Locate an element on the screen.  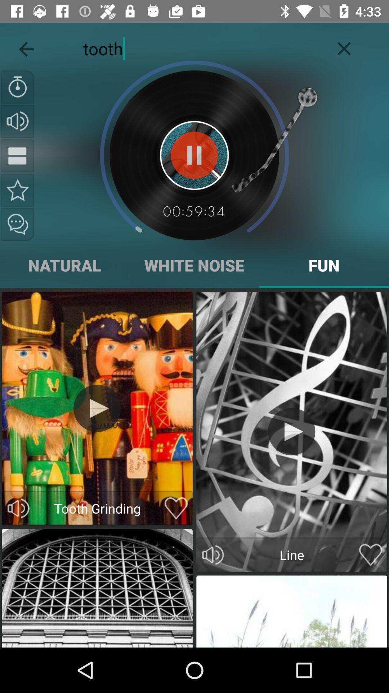
choose an option to listen is located at coordinates (213, 554).